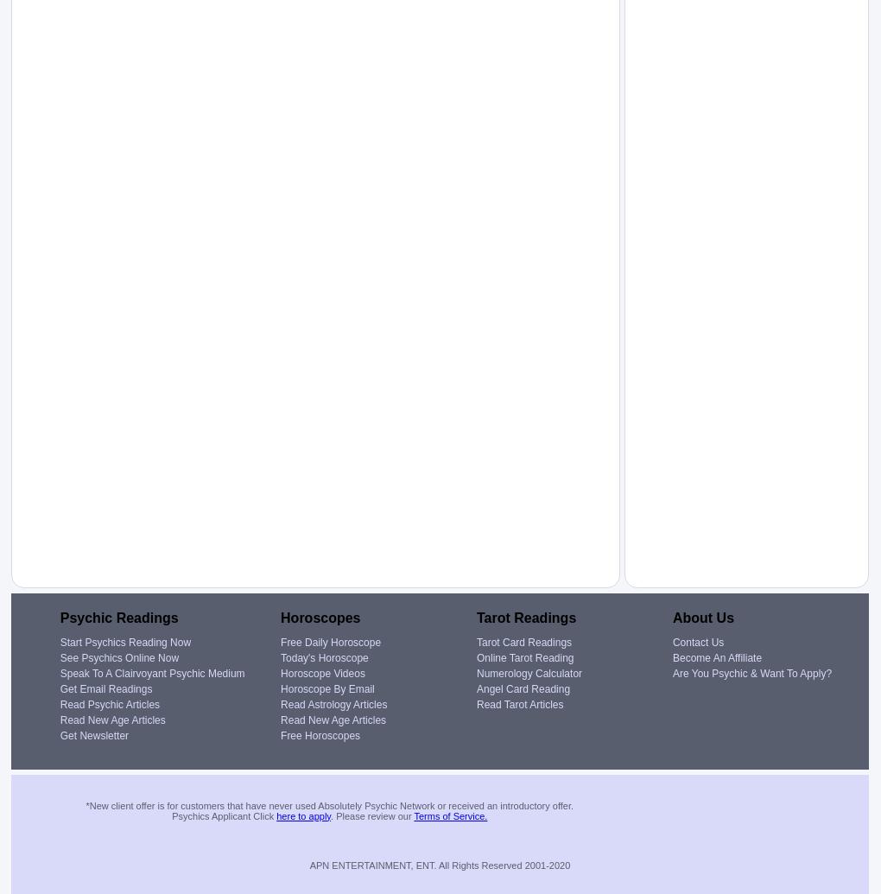  I want to click on 'Horoscope Videos', so click(321, 672).